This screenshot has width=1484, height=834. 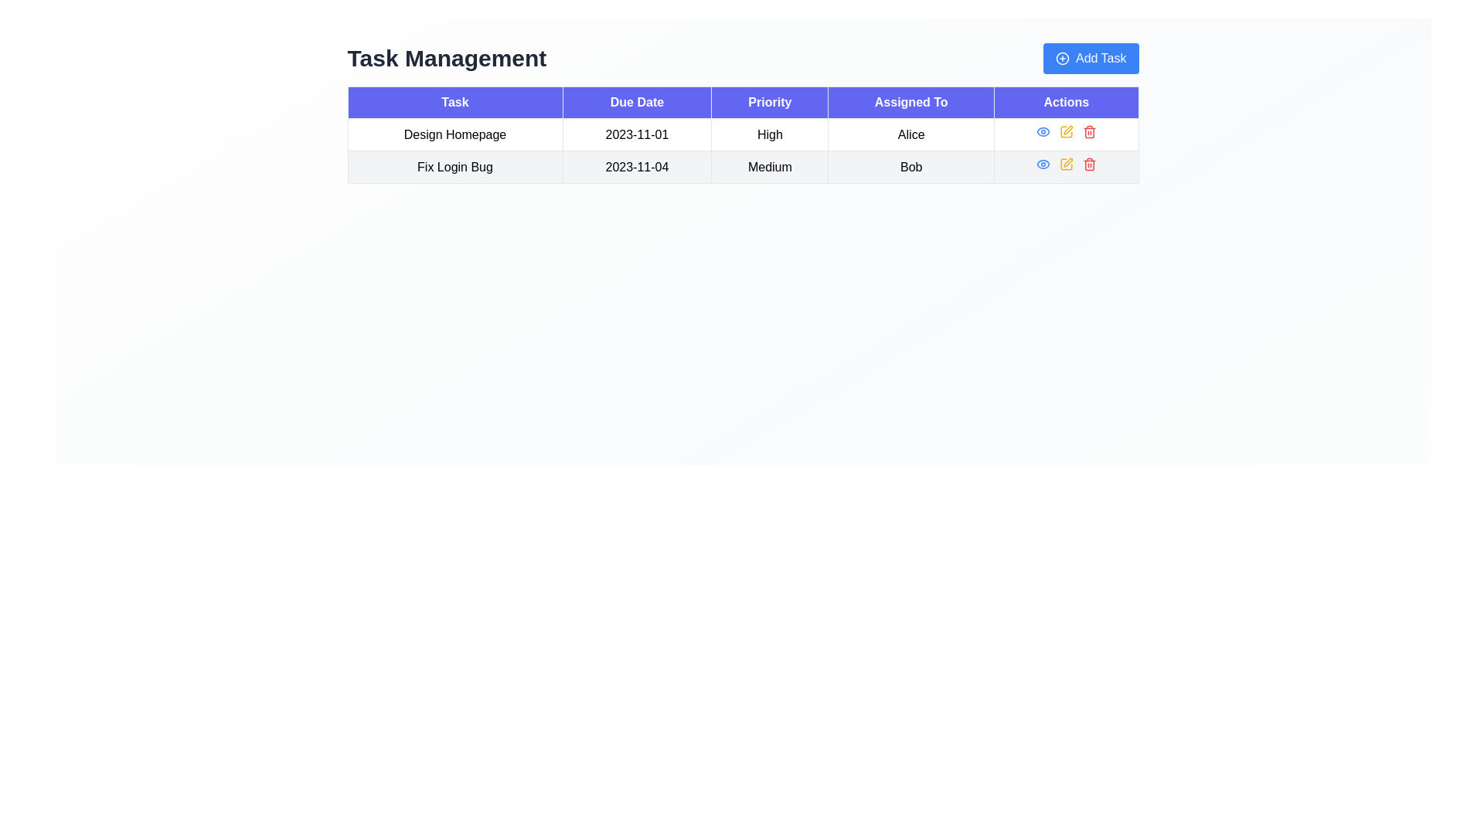 I want to click on the first header cell of the table, which displays the text 'Task' in white on a vivid blue background, so click(x=454, y=102).